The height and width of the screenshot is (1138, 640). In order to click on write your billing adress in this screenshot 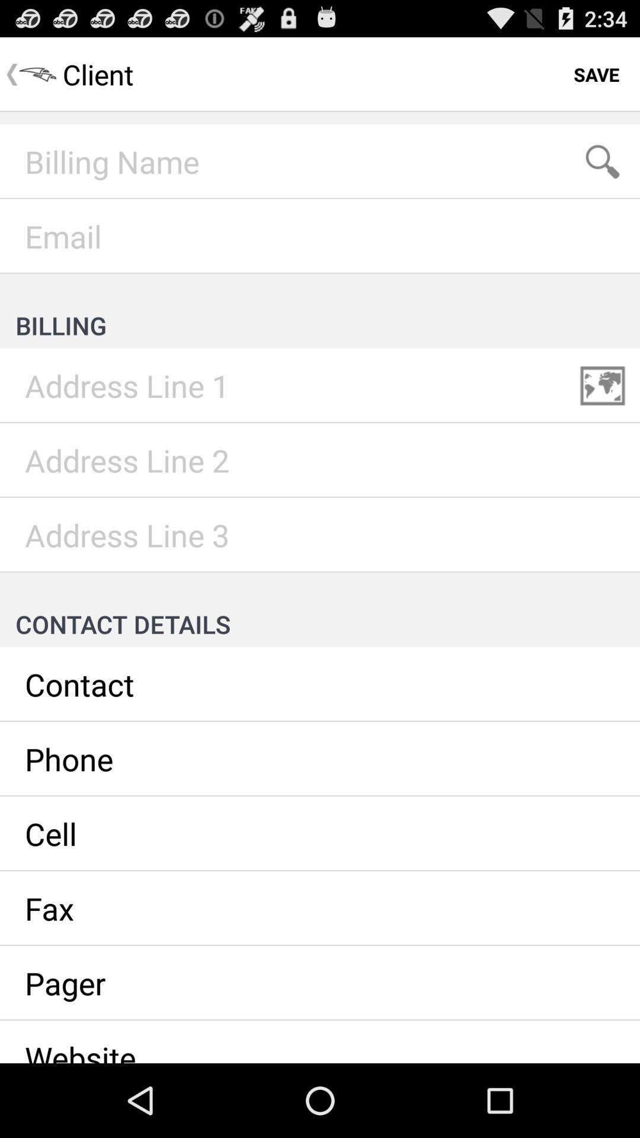, I will do `click(320, 386)`.